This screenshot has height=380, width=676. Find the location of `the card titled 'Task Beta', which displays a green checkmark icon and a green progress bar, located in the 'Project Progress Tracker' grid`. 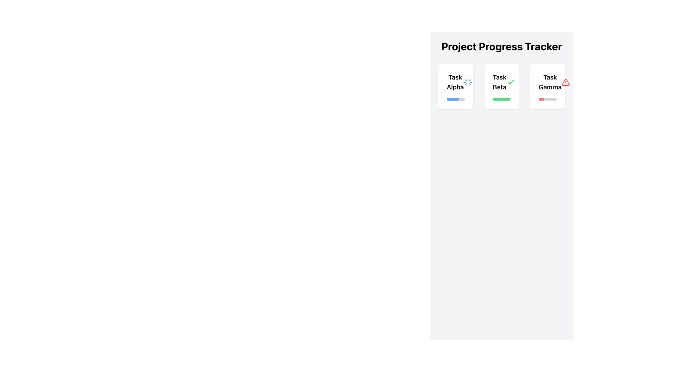

the card titled 'Task Beta', which displays a green checkmark icon and a green progress bar, located in the 'Project Progress Tracker' grid is located at coordinates (501, 86).